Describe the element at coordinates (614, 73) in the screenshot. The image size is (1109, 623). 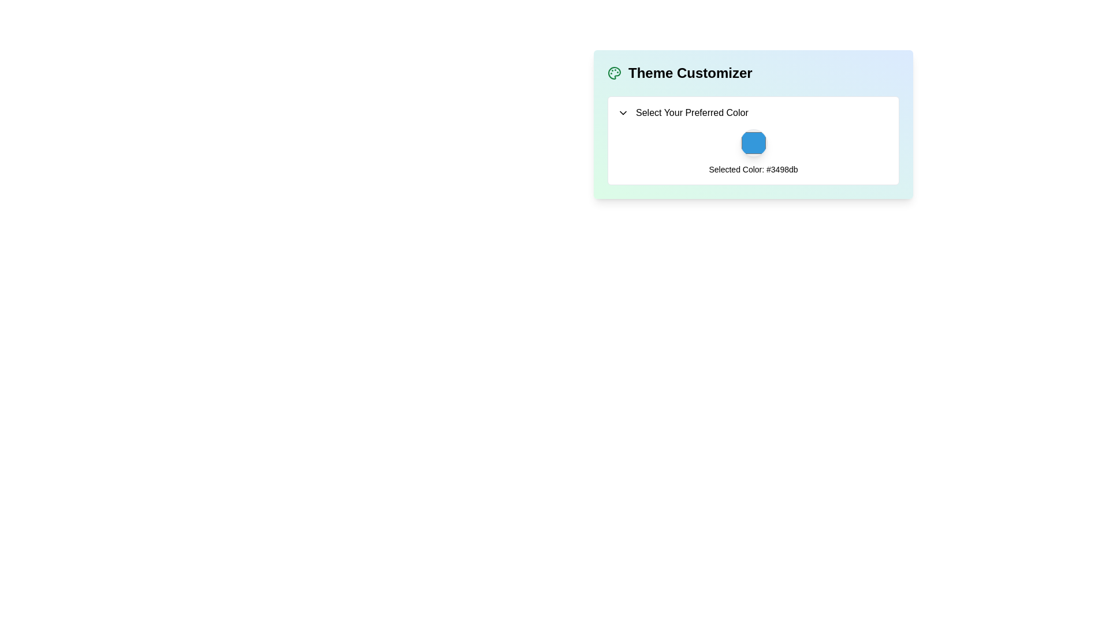
I see `the green palette icon located at the left-most side of the 'Theme Customizer' title block, which symbolizes artistic functionalities` at that location.